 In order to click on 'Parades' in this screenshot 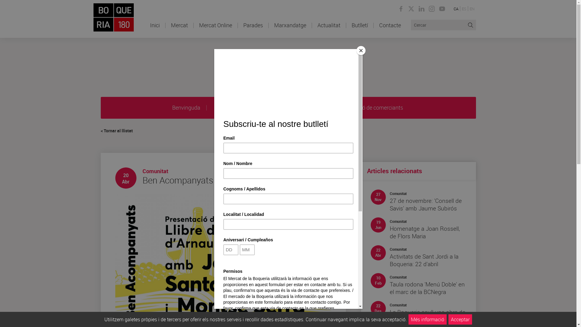, I will do `click(253, 30)`.